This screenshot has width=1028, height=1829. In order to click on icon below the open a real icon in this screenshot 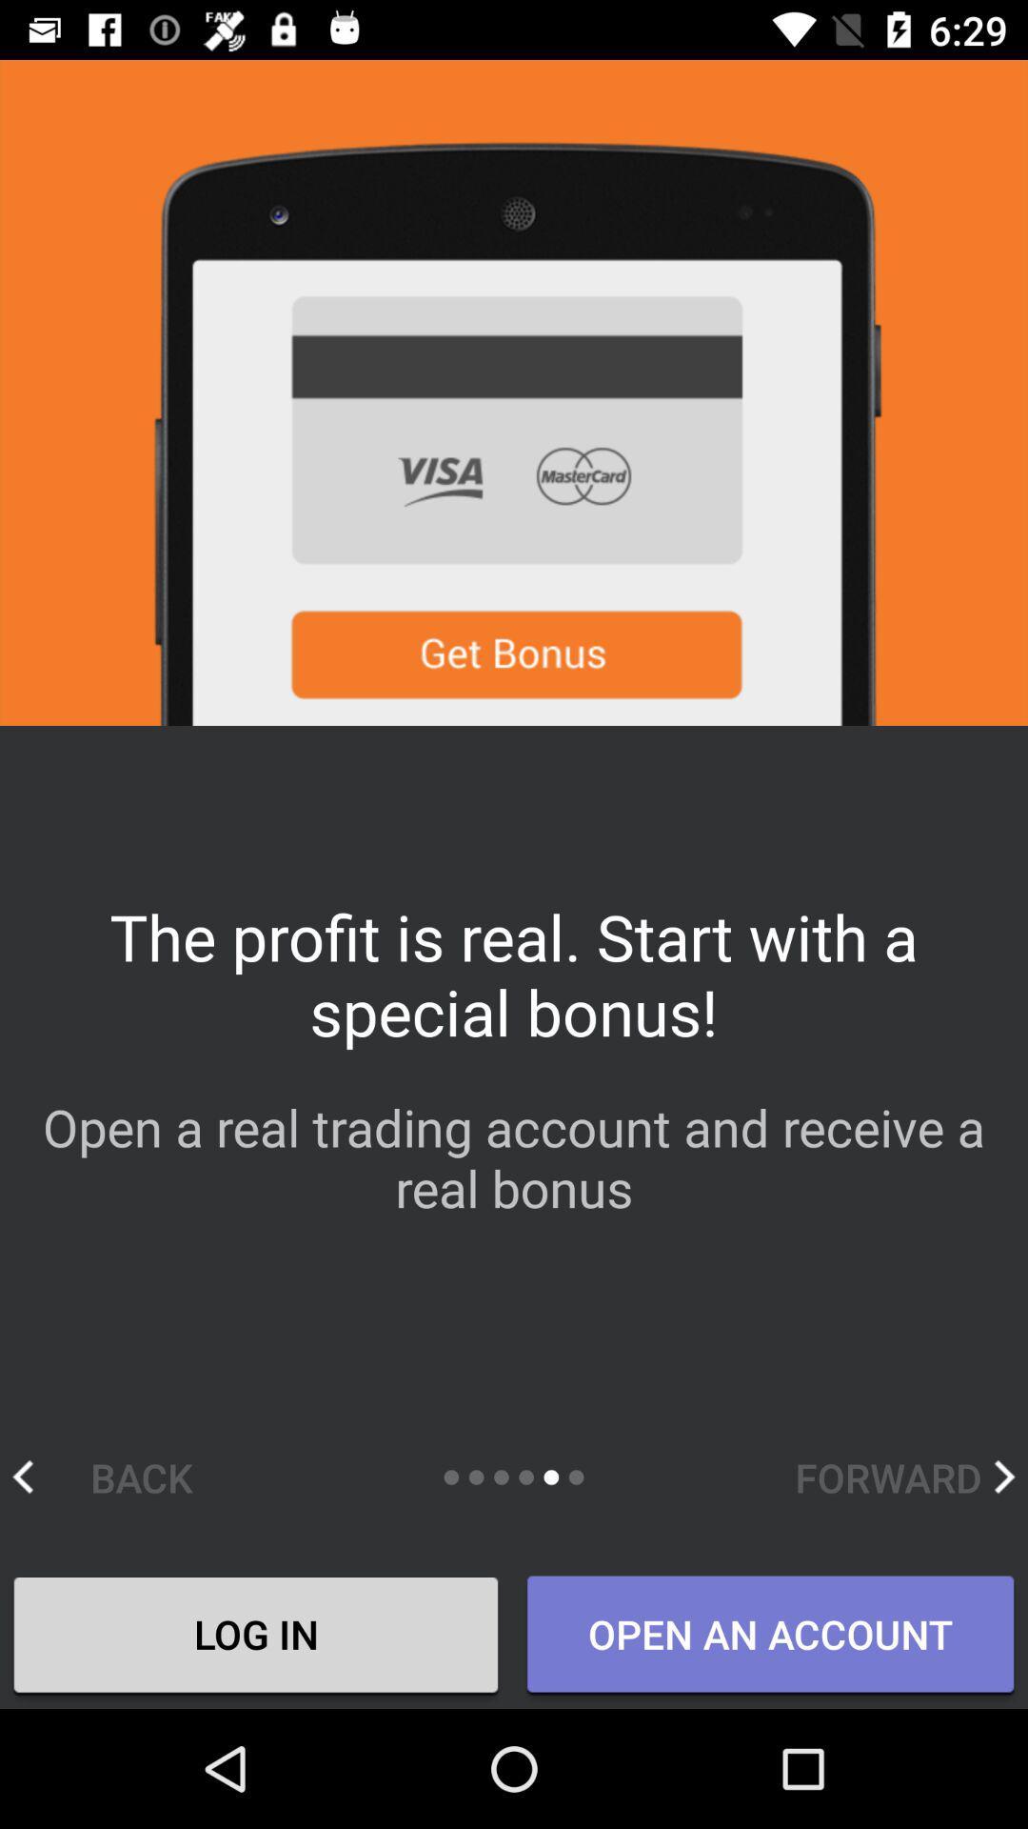, I will do `click(904, 1476)`.